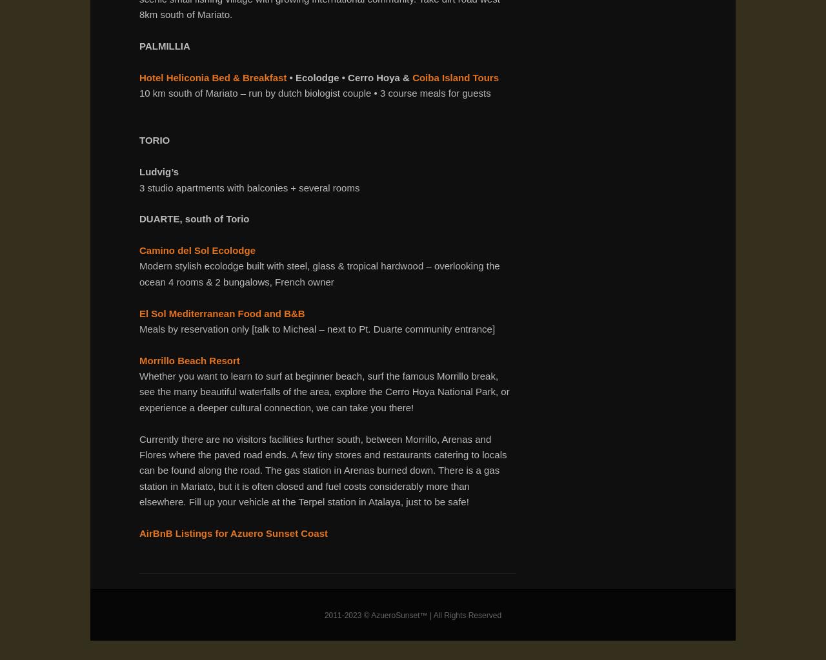 This screenshot has height=660, width=826. Describe the element at coordinates (155, 139) in the screenshot. I see `'TORIO'` at that location.